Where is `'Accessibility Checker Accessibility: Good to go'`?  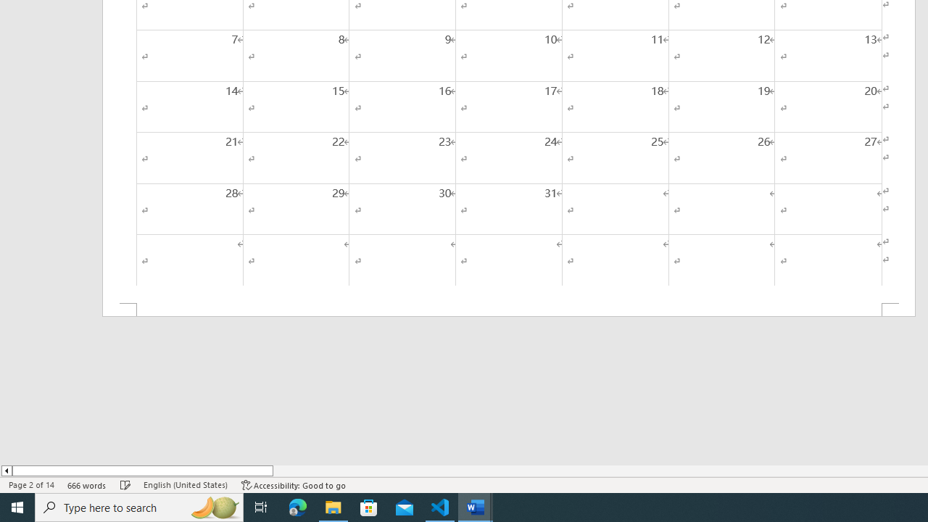
'Accessibility Checker Accessibility: Good to go' is located at coordinates (293, 485).